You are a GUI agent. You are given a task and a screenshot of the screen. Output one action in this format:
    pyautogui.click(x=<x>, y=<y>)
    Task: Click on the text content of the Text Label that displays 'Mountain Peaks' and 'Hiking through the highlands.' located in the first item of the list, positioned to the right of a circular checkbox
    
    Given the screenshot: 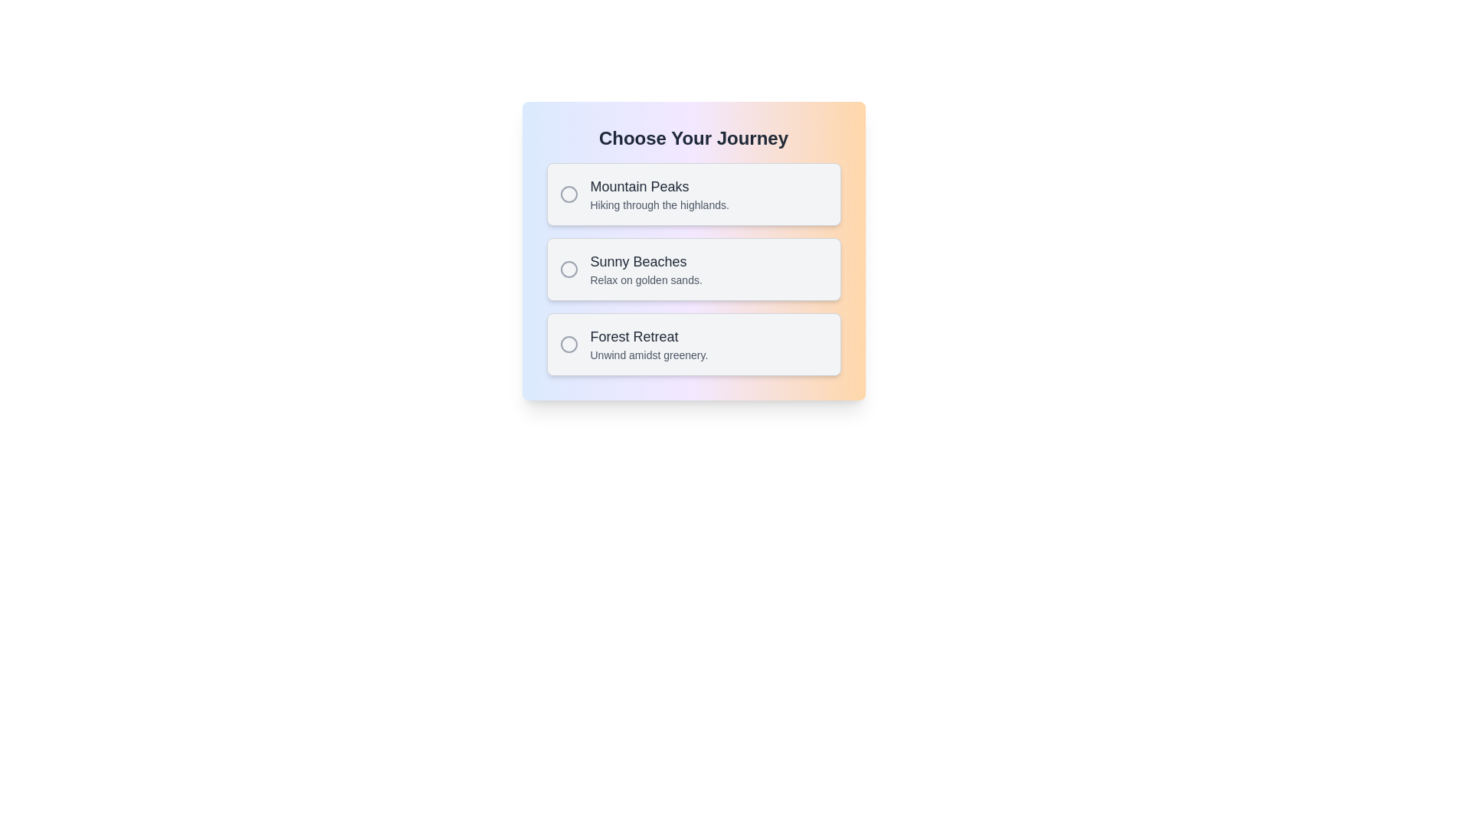 What is the action you would take?
    pyautogui.click(x=660, y=194)
    